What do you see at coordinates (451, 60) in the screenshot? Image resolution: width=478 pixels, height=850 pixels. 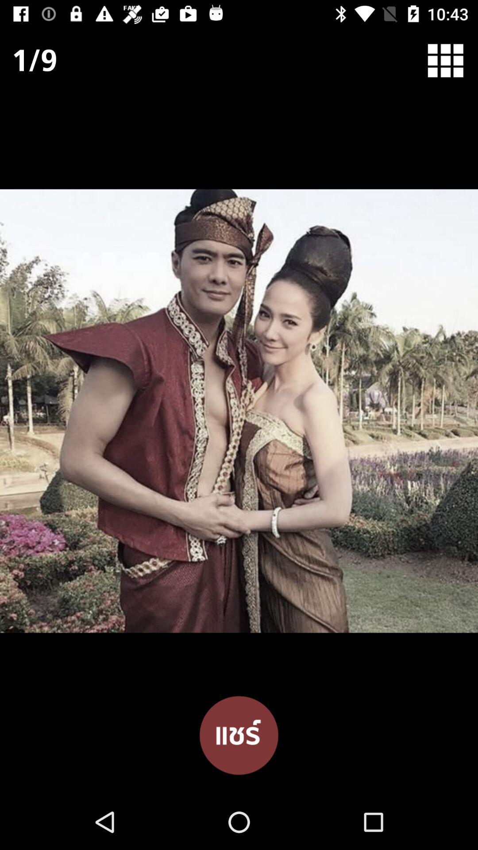 I see `the item to the right of the /9` at bounding box center [451, 60].